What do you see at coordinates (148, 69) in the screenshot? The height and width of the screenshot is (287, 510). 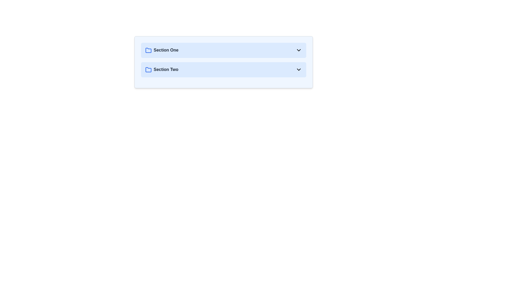 I see `the folder icon located to the left of the 'Section Two' label in the second row of the section list` at bounding box center [148, 69].